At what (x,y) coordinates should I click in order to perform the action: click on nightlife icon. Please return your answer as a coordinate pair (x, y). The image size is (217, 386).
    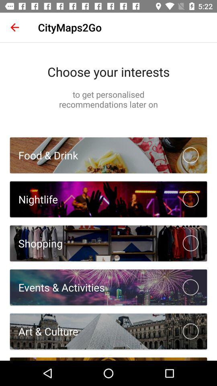
    Looking at the image, I should click on (33, 199).